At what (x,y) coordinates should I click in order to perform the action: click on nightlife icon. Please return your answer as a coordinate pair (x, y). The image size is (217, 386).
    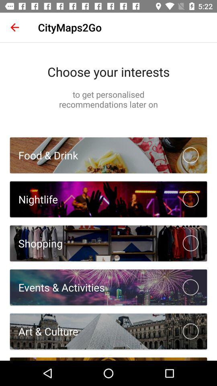
    Looking at the image, I should click on (33, 199).